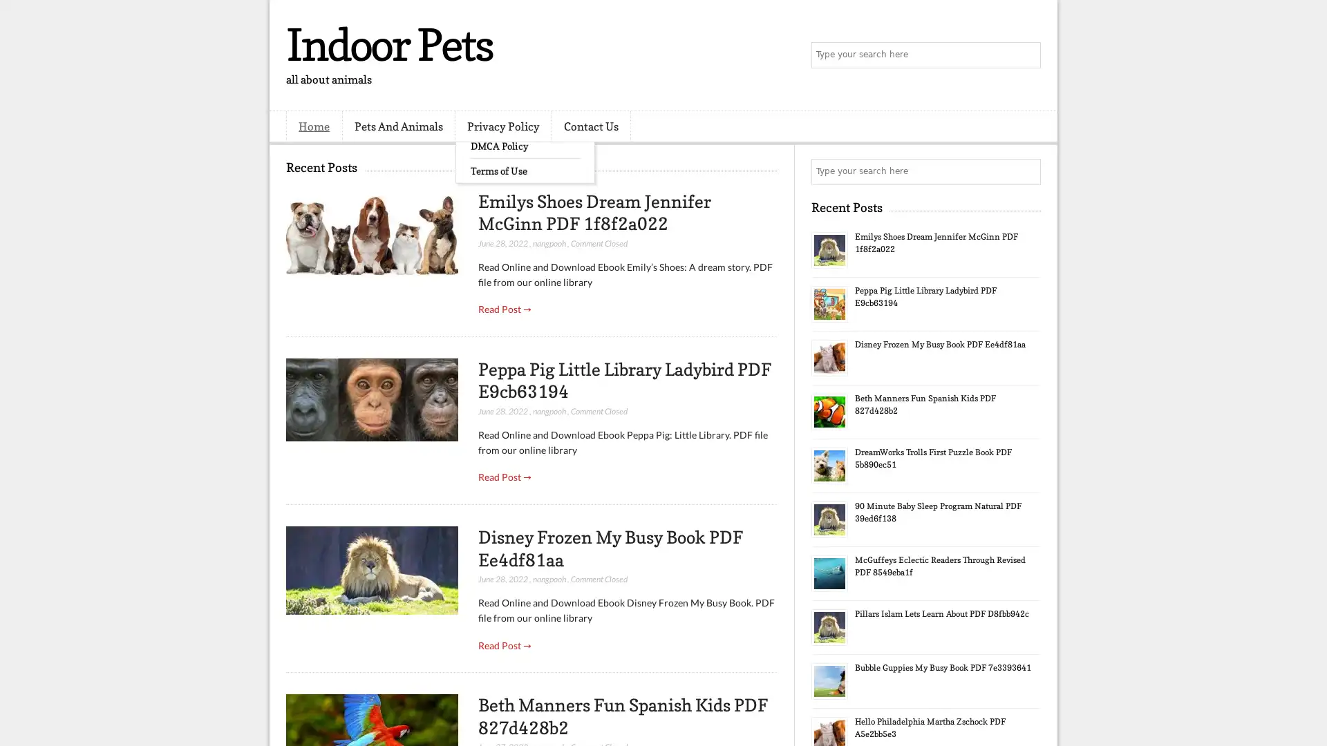 The width and height of the screenshot is (1327, 746). What do you see at coordinates (1026, 171) in the screenshot?
I see `Search` at bounding box center [1026, 171].